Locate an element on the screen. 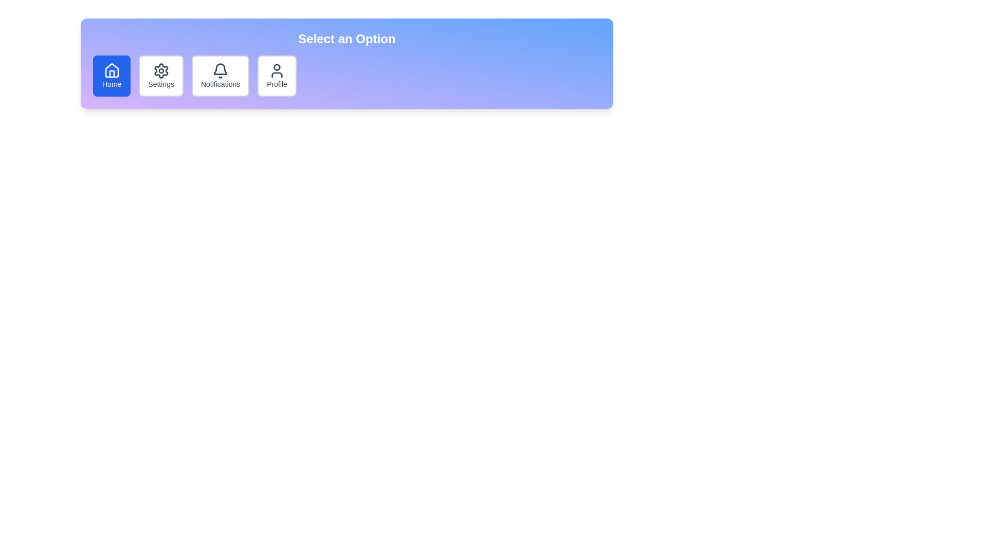  the 'Home' button in the navigation bar is located at coordinates (112, 70).